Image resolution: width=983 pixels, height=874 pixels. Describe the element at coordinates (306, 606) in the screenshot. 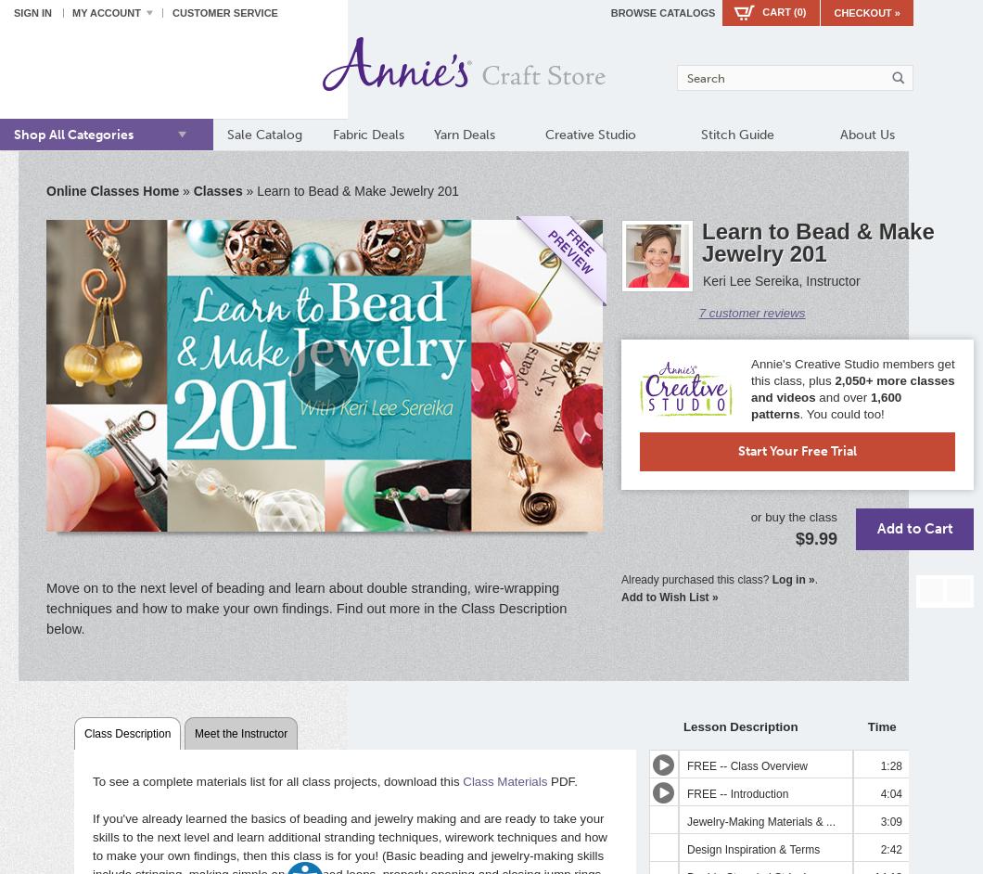

I see `'Move on to the next level of beading and learn about double stranding, wire-wrapping techniques and how to make your own findings. Find out more in the Class Description below.'` at that location.